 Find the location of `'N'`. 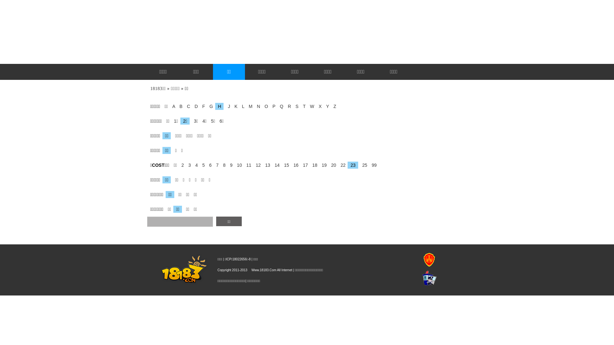

'N' is located at coordinates (253, 106).